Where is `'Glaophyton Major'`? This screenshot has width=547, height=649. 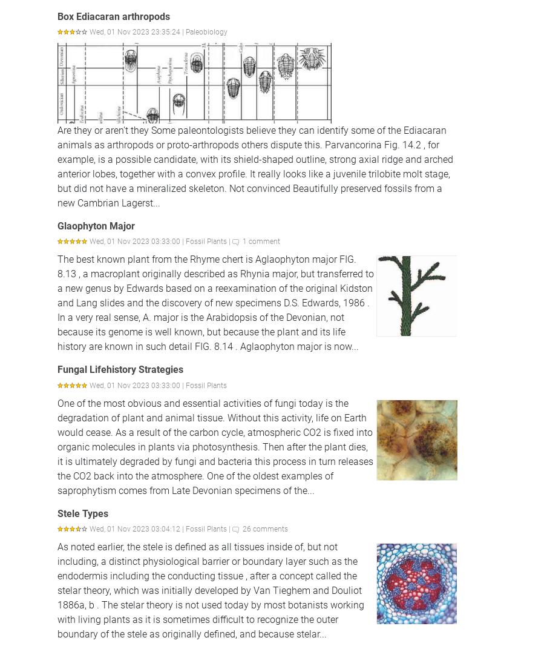 'Glaophyton Major' is located at coordinates (96, 226).